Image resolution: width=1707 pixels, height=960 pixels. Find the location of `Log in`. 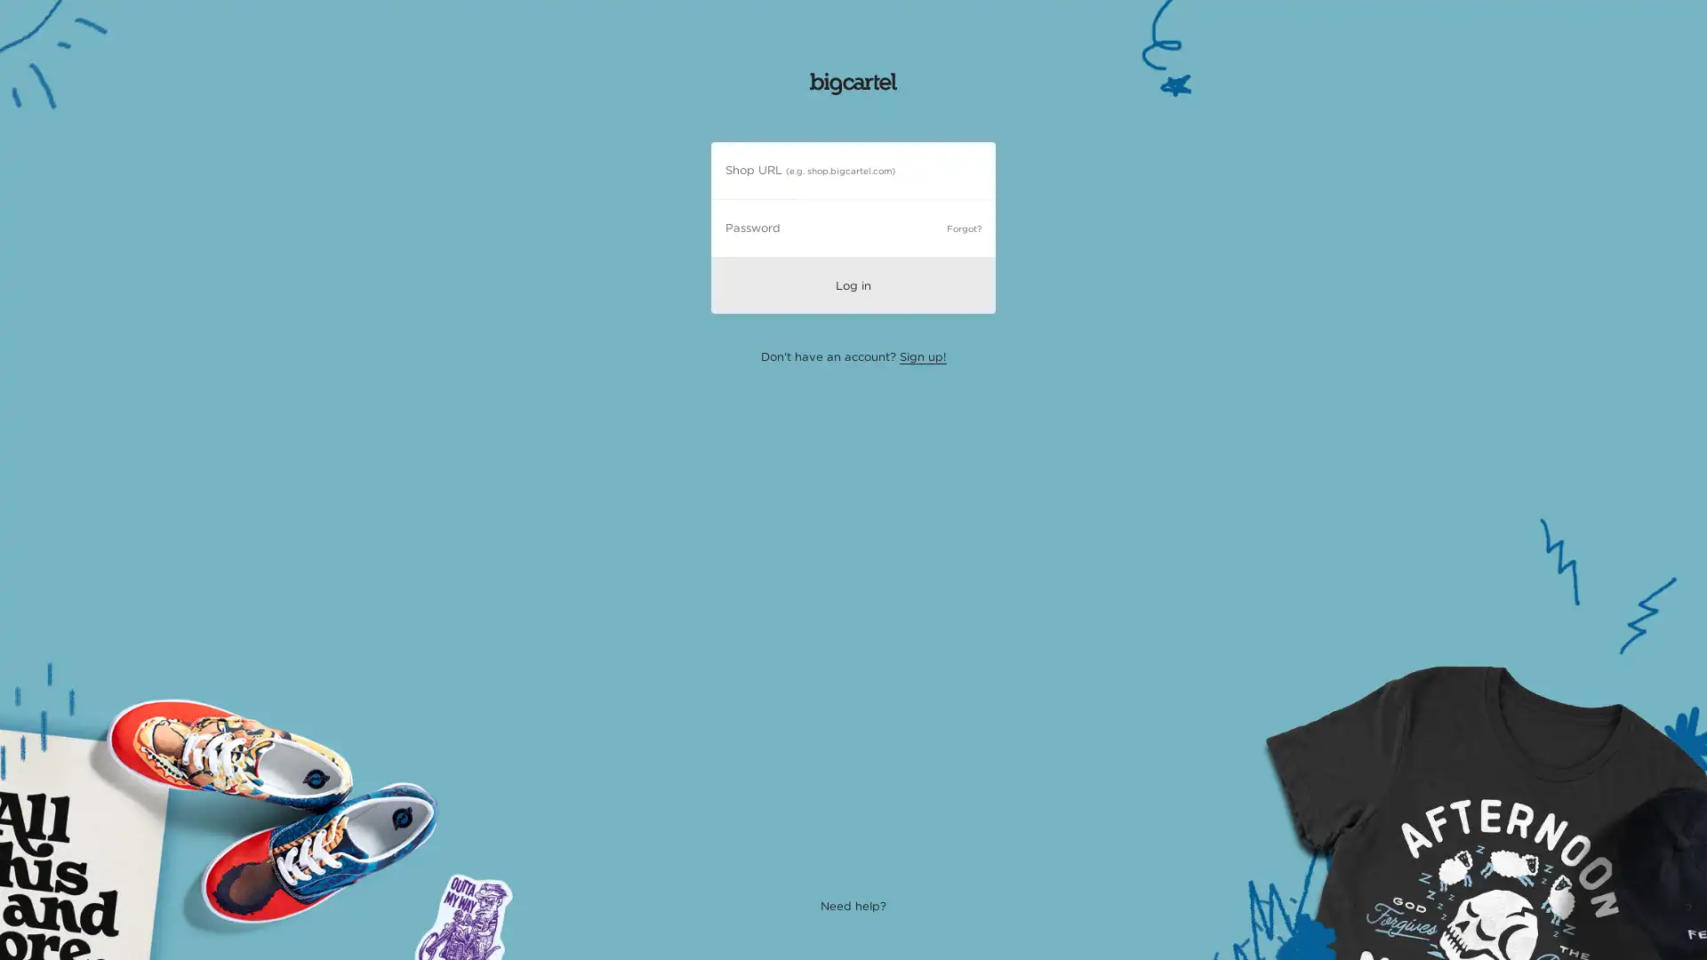

Log in is located at coordinates (853, 284).